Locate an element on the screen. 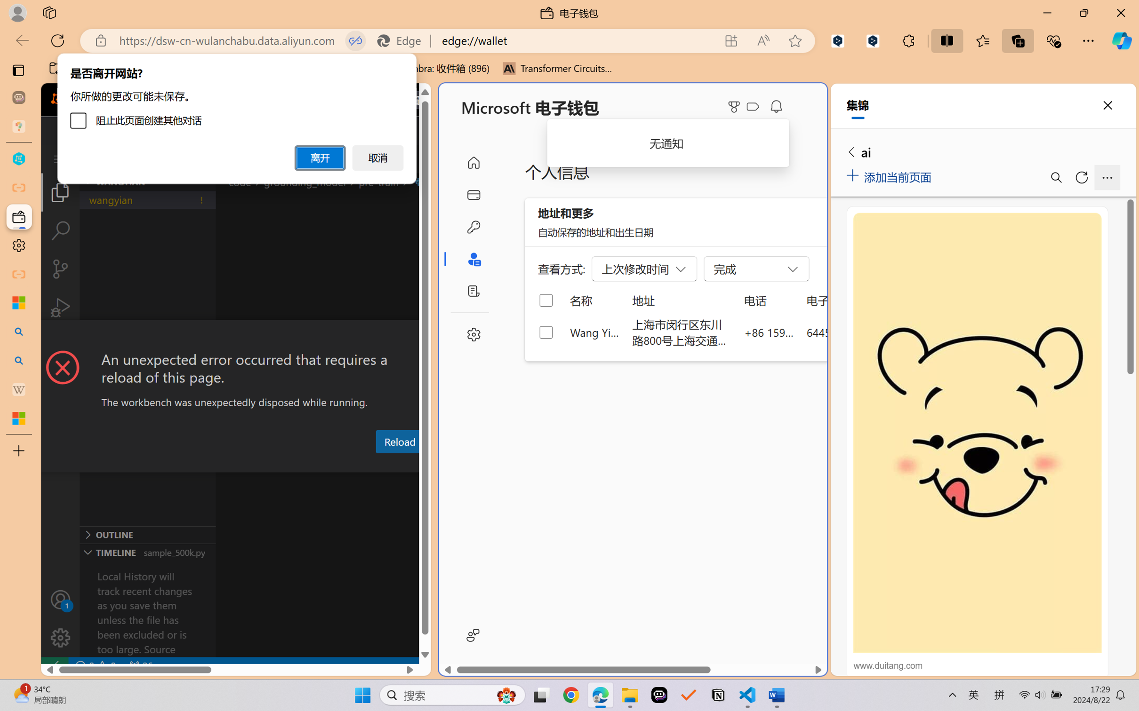 The width and height of the screenshot is (1139, 711). 'Run and Debug (Ctrl+Shift+D)' is located at coordinates (60, 307).